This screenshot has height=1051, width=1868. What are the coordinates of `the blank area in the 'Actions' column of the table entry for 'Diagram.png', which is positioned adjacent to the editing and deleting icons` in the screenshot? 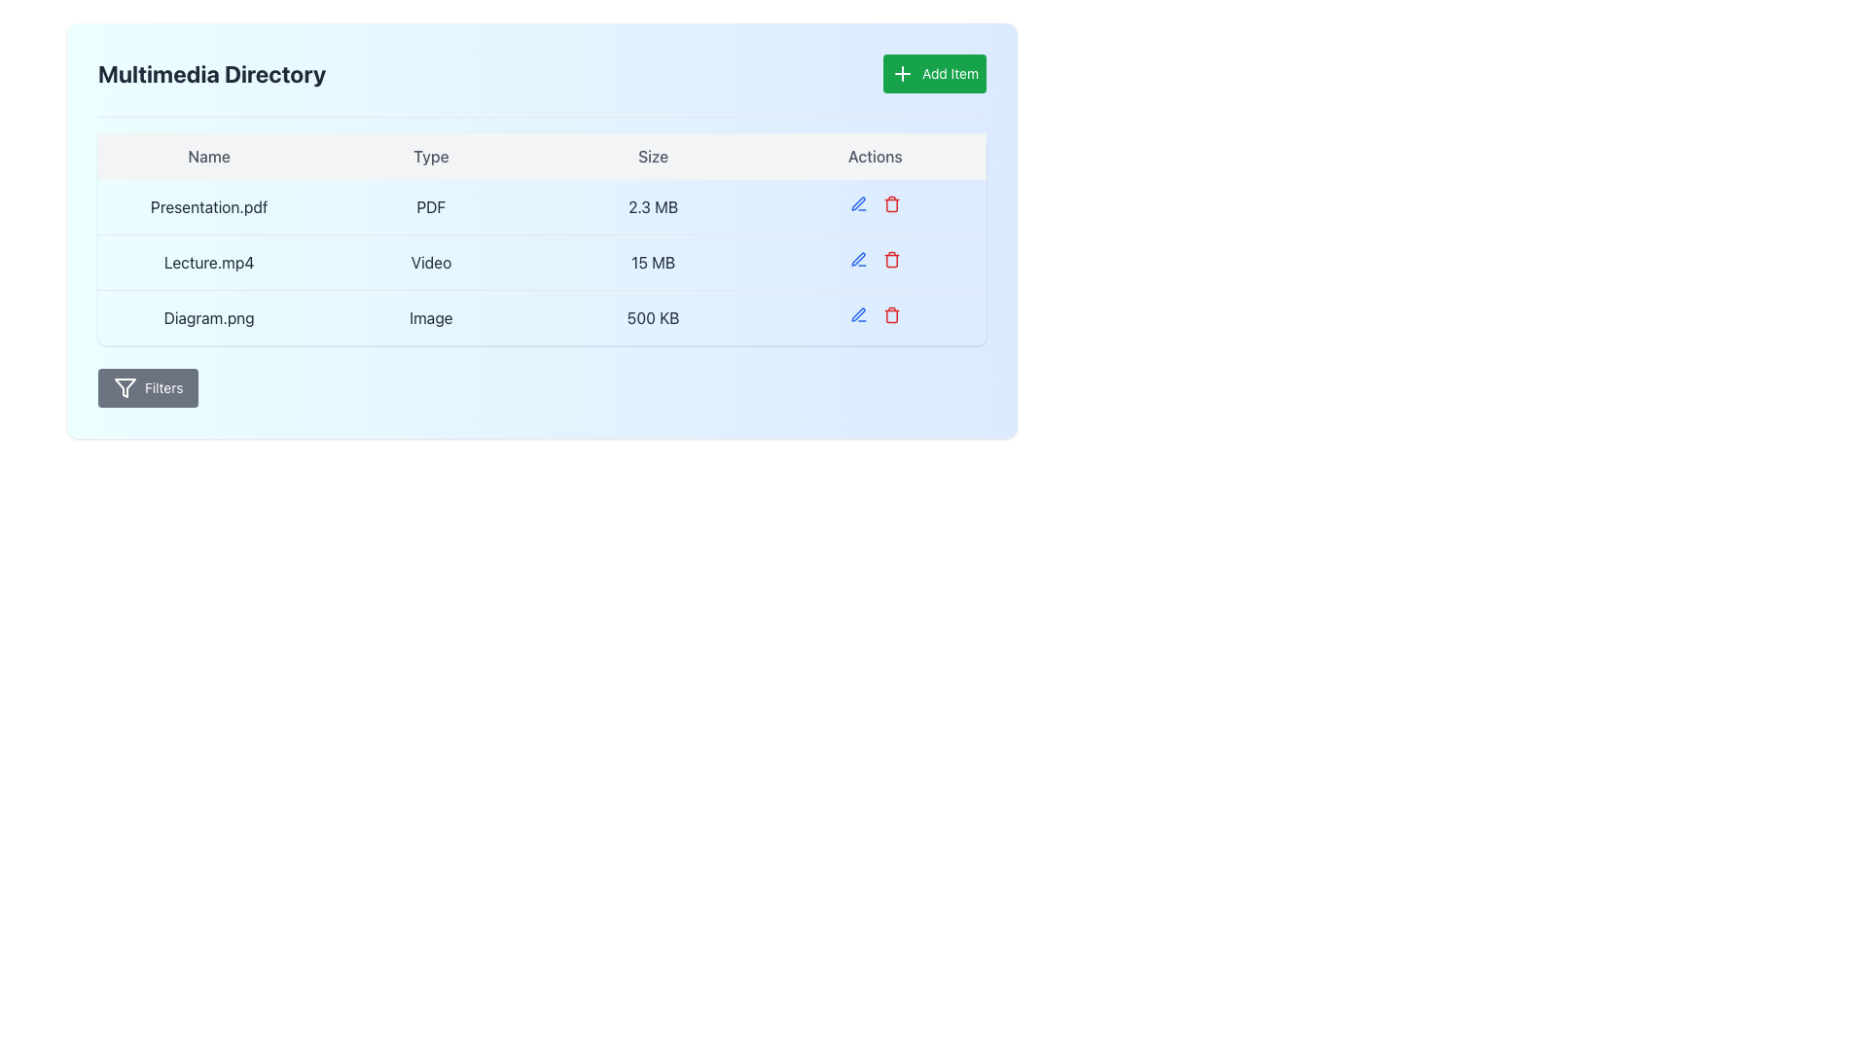 It's located at (874, 316).